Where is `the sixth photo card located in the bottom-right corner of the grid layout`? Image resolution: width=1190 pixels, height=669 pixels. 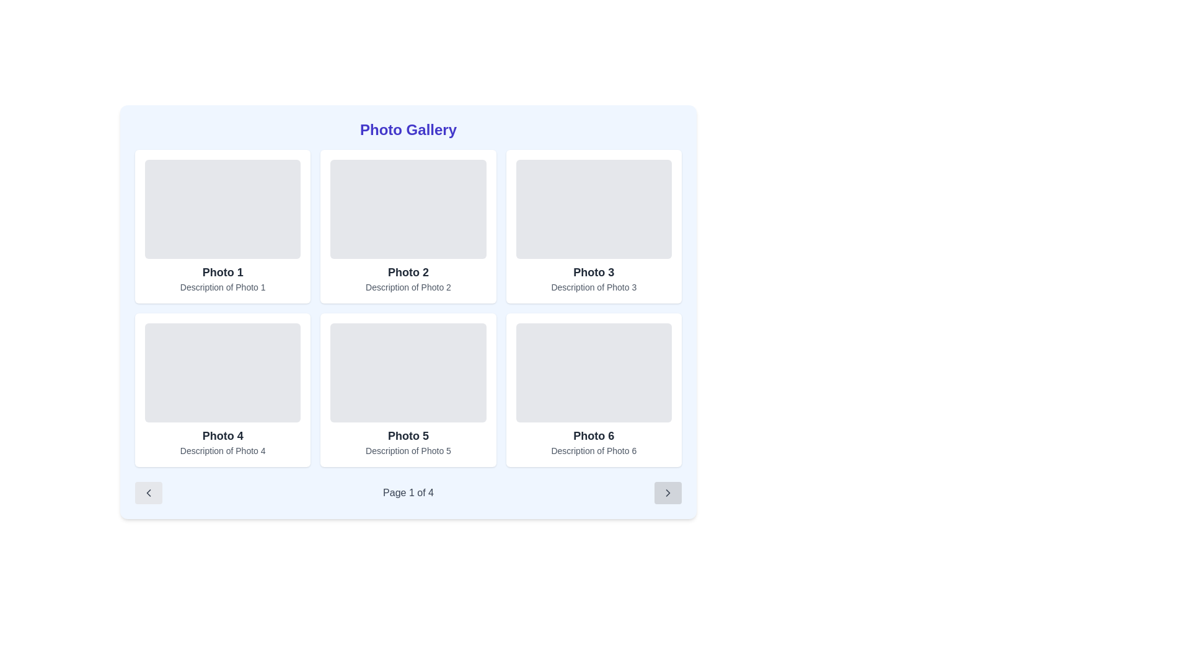
the sixth photo card located in the bottom-right corner of the grid layout is located at coordinates (593, 389).